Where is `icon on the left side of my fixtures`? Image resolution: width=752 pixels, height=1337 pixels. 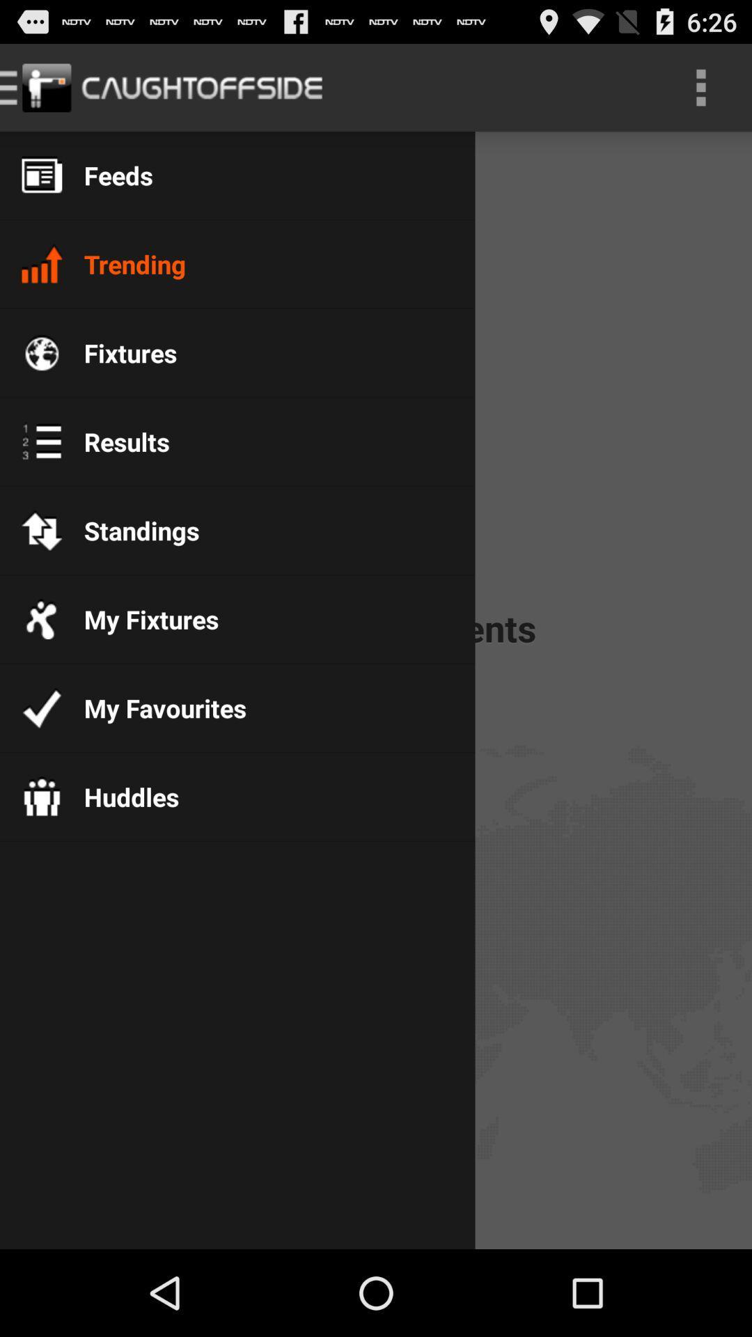
icon on the left side of my fixtures is located at coordinates (41, 618).